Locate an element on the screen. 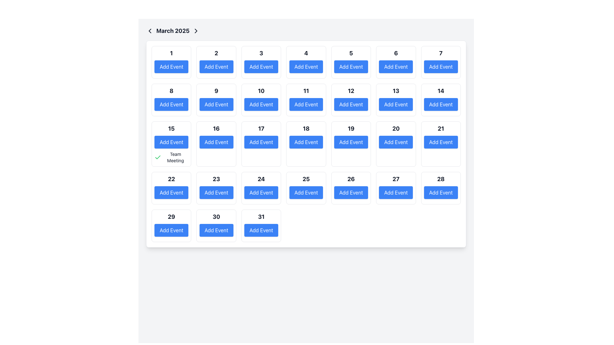  the 'Add Event' button located below the bold number '27' in the calendar day cell is located at coordinates (396, 188).